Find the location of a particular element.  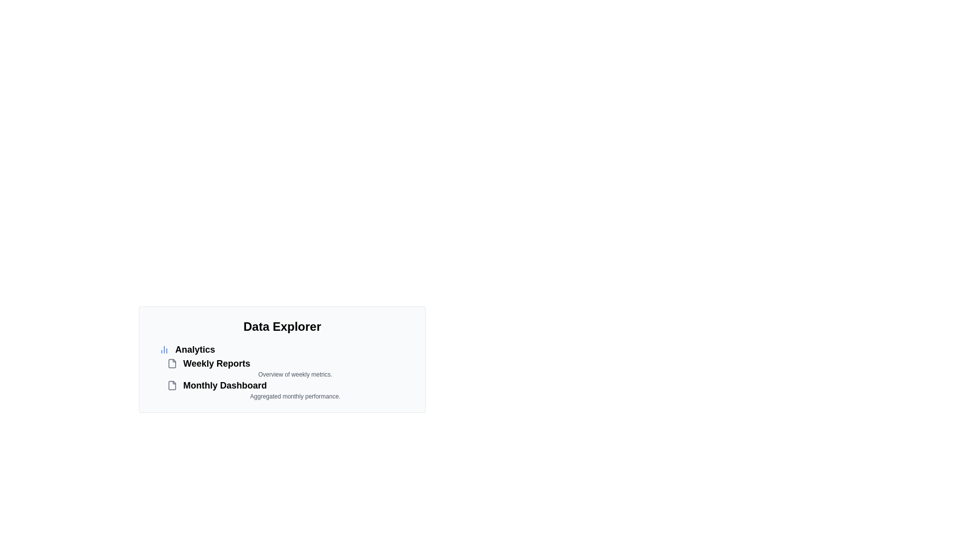

the bar chart icon that is located to the left of the 'Analytics' text in the 'Data Explorer' section is located at coordinates (164, 349).